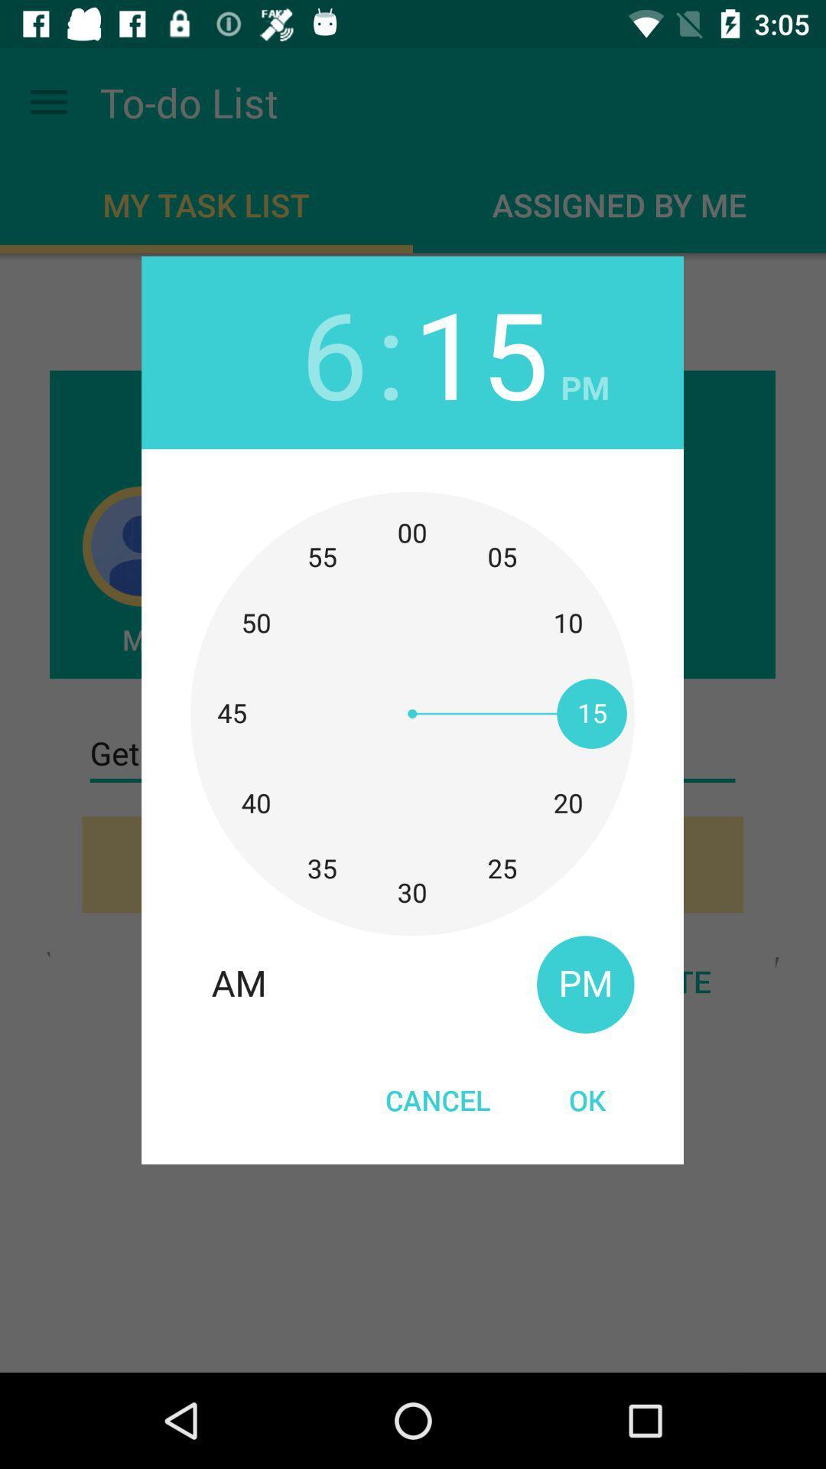 This screenshot has height=1469, width=826. I want to click on the 15 item, so click(480, 351).